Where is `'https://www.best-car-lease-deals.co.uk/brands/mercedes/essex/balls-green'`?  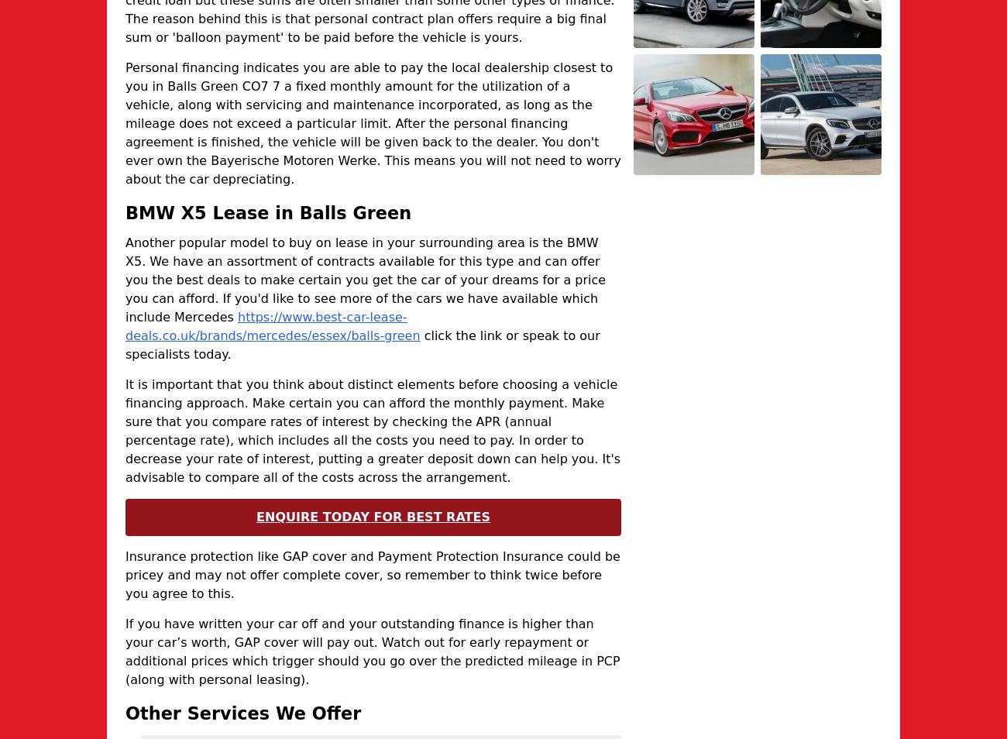 'https://www.best-car-lease-deals.co.uk/brands/mercedes/essex/balls-green' is located at coordinates (272, 326).